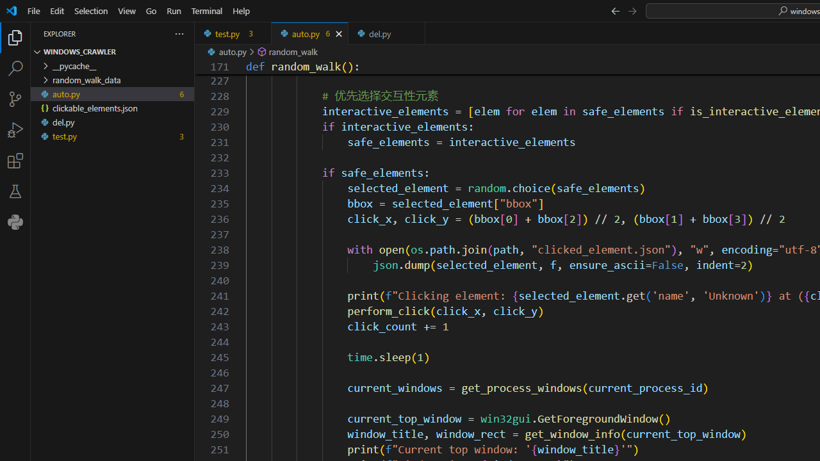 This screenshot has height=461, width=820. Describe the element at coordinates (415, 33) in the screenshot. I see `'Close (Ctrl+F4)'` at that location.